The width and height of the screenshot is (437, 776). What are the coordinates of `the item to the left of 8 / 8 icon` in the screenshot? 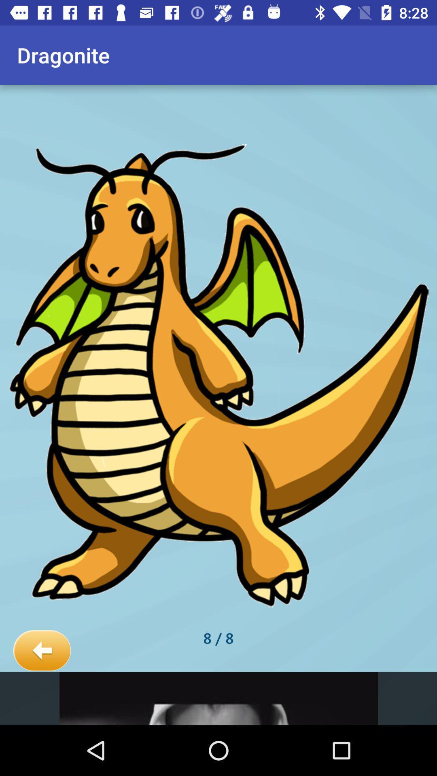 It's located at (42, 651).